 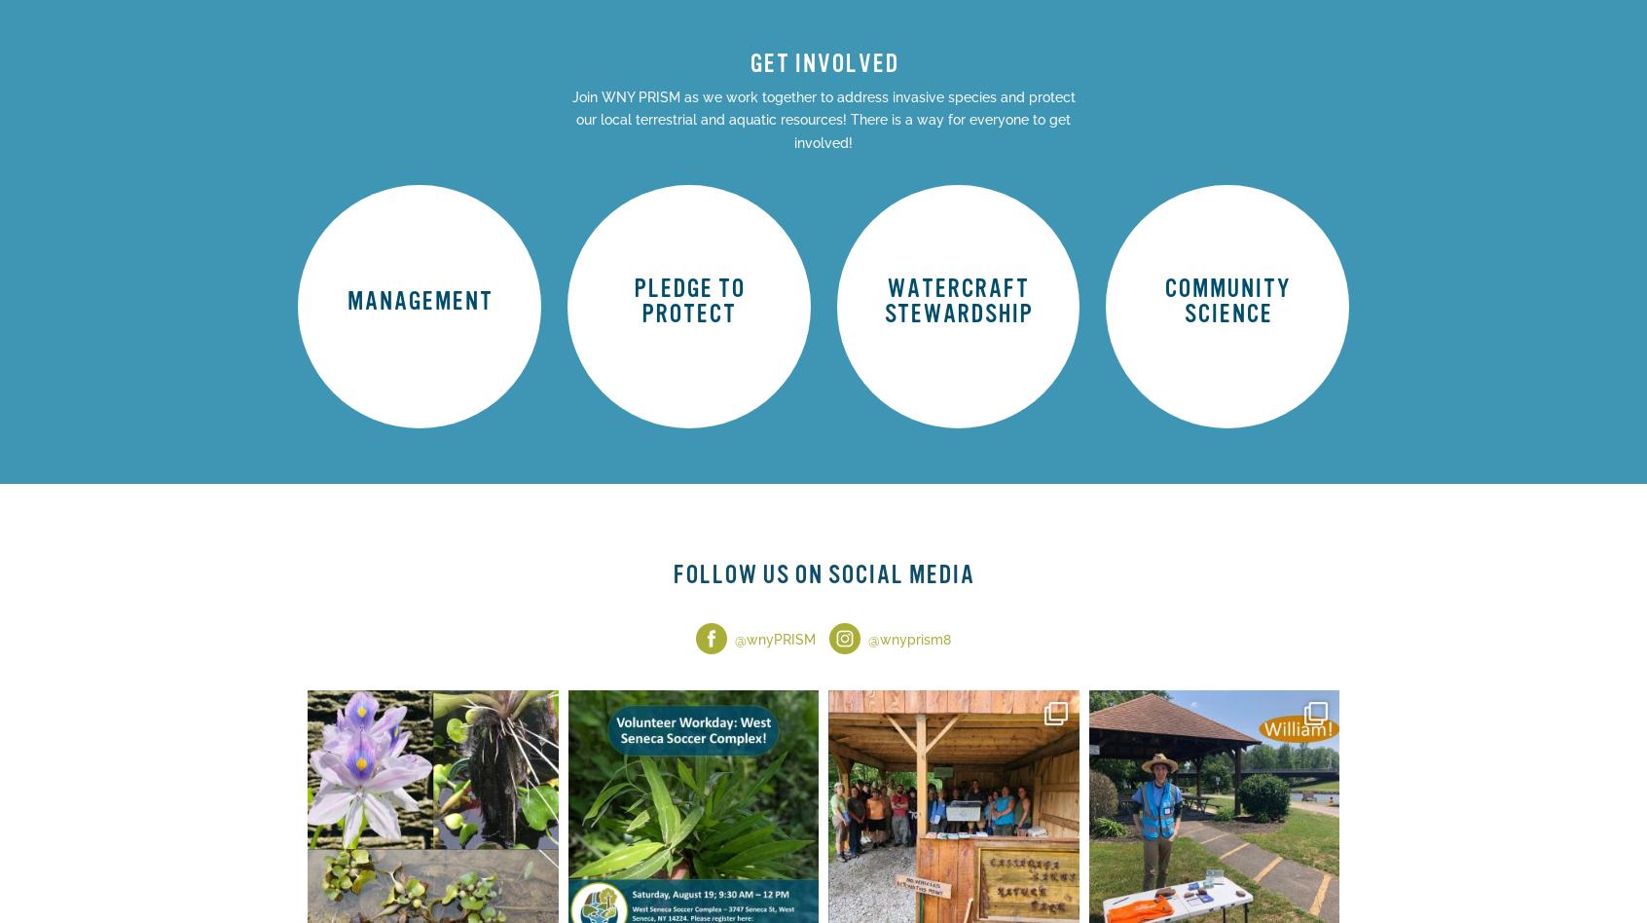 I want to click on '@wnyPRISM', so click(x=733, y=638).